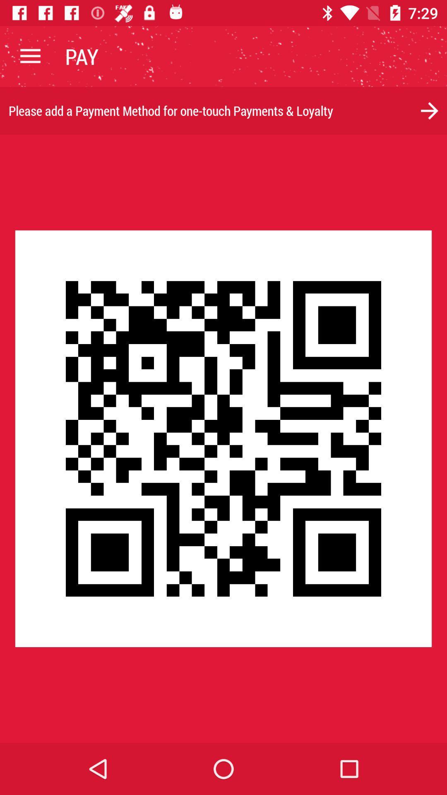 Image resolution: width=447 pixels, height=795 pixels. I want to click on the icon at the center, so click(223, 438).